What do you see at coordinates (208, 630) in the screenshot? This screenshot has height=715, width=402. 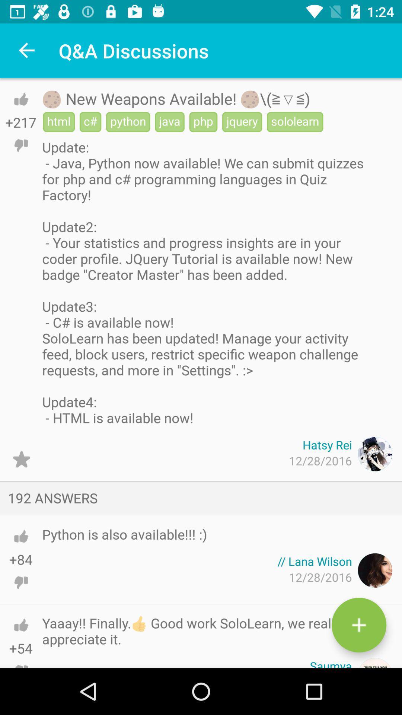 I see `the yaaay finally good` at bounding box center [208, 630].